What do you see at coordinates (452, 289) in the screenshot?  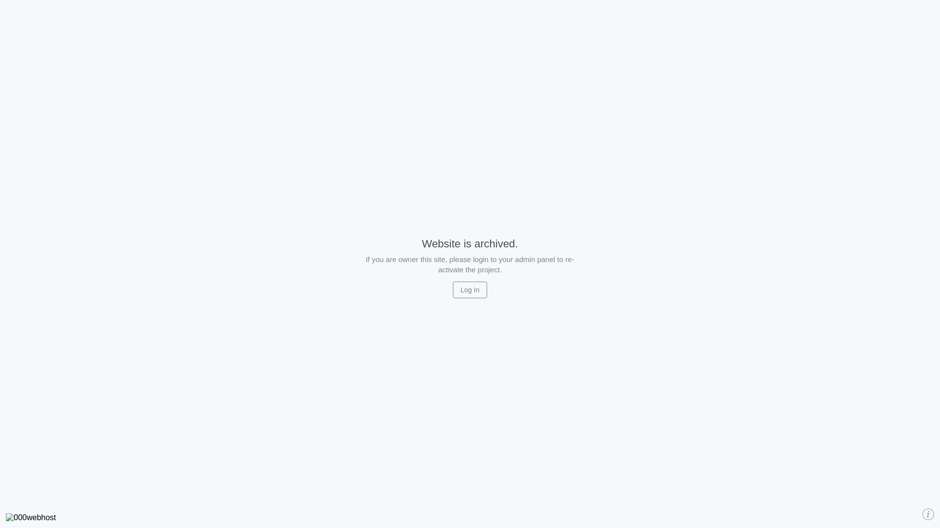 I see `'Log In'` at bounding box center [452, 289].